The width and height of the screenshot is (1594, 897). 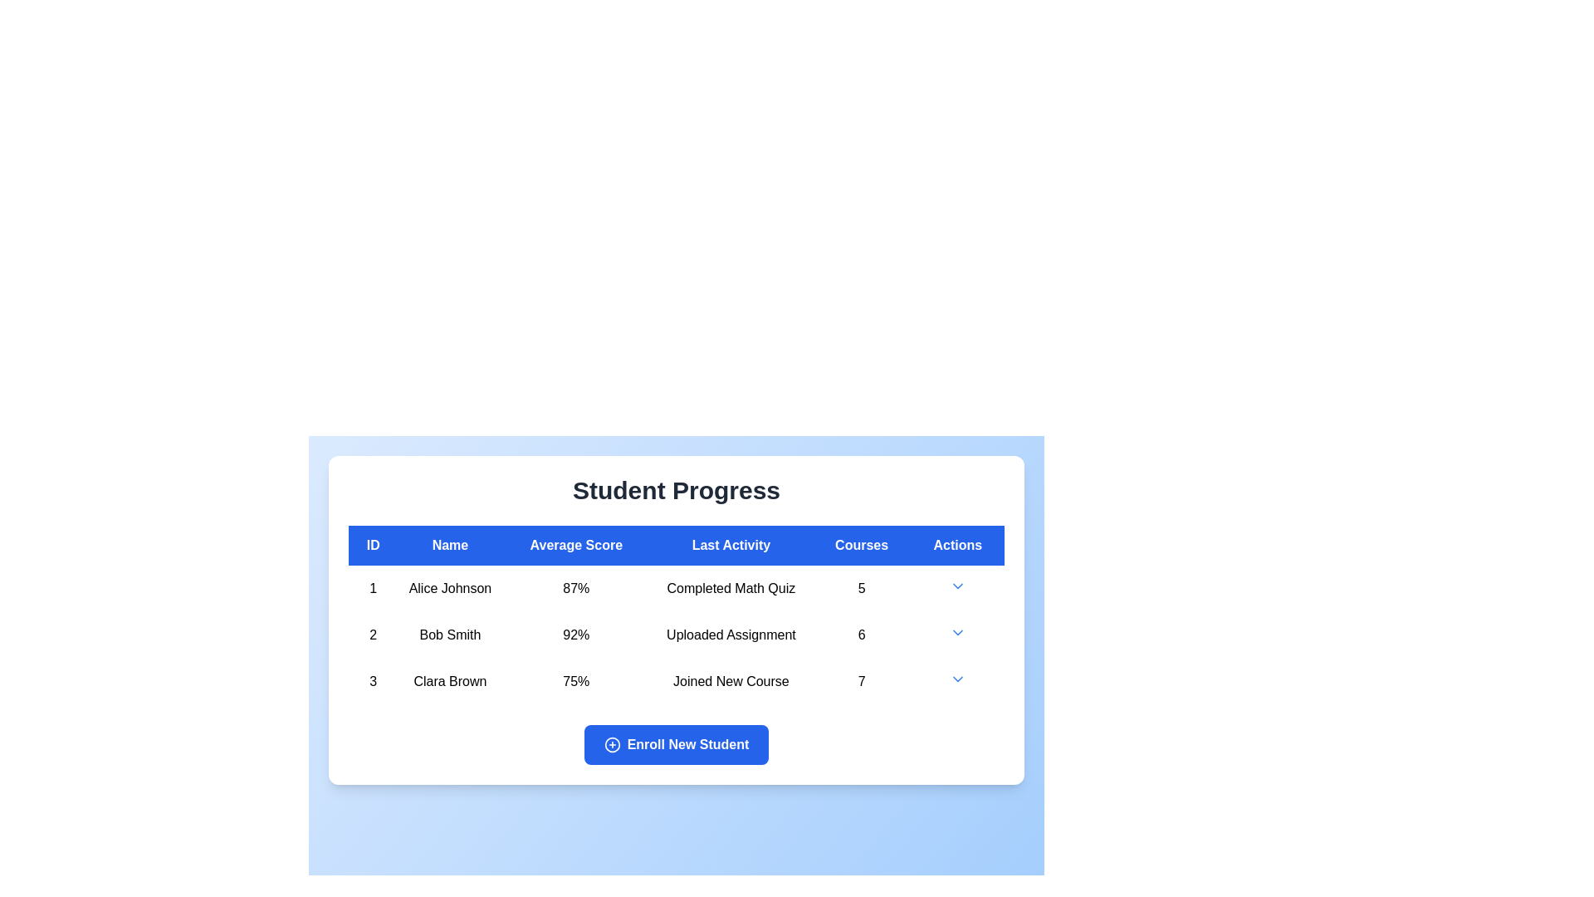 What do you see at coordinates (957, 679) in the screenshot?
I see `the downward-facing chevron icon in the 'Actions' column of the last row in the 'Student Progress' table` at bounding box center [957, 679].